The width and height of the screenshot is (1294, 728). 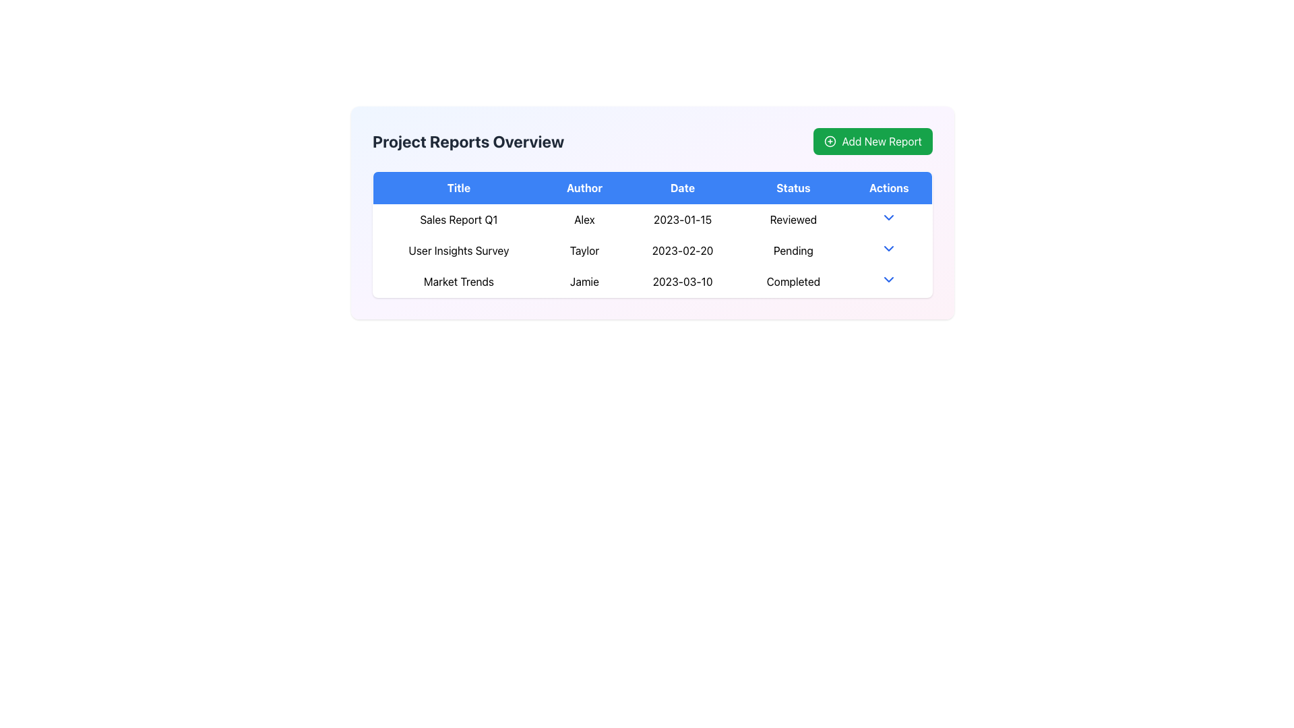 What do you see at coordinates (584, 187) in the screenshot?
I see `the label displaying the text 'Author' in white against a blue background, which is the second element in a row of five within a table-like structure` at bounding box center [584, 187].